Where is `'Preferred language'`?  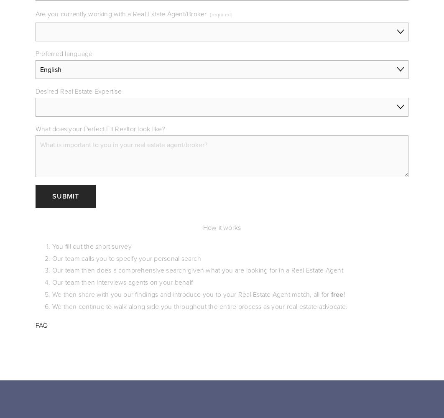
'Preferred language' is located at coordinates (64, 53).